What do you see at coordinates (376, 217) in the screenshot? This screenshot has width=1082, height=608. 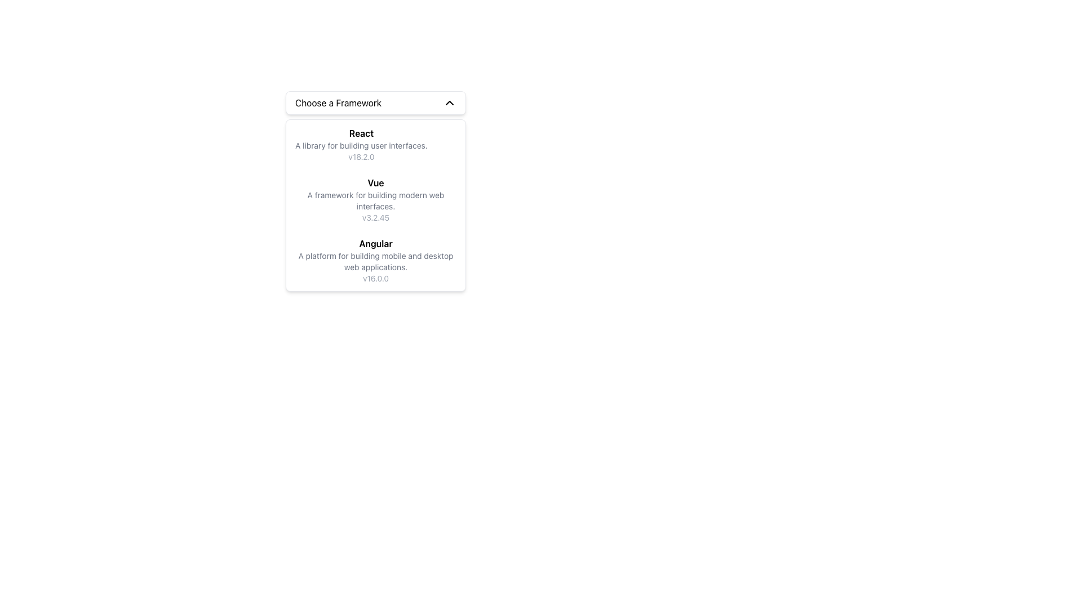 I see `the static informational label displaying the version number of the Vue framework, located below the descriptive text 'A framework for building modern web interfaces.'` at bounding box center [376, 217].